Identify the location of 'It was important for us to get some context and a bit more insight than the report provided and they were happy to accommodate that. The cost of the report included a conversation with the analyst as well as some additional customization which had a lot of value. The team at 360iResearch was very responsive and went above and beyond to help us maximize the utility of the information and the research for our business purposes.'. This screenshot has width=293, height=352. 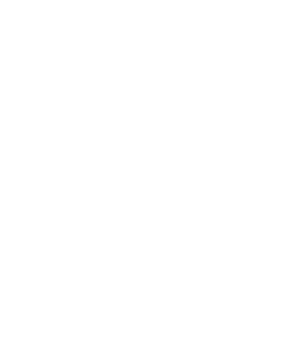
(127, 35).